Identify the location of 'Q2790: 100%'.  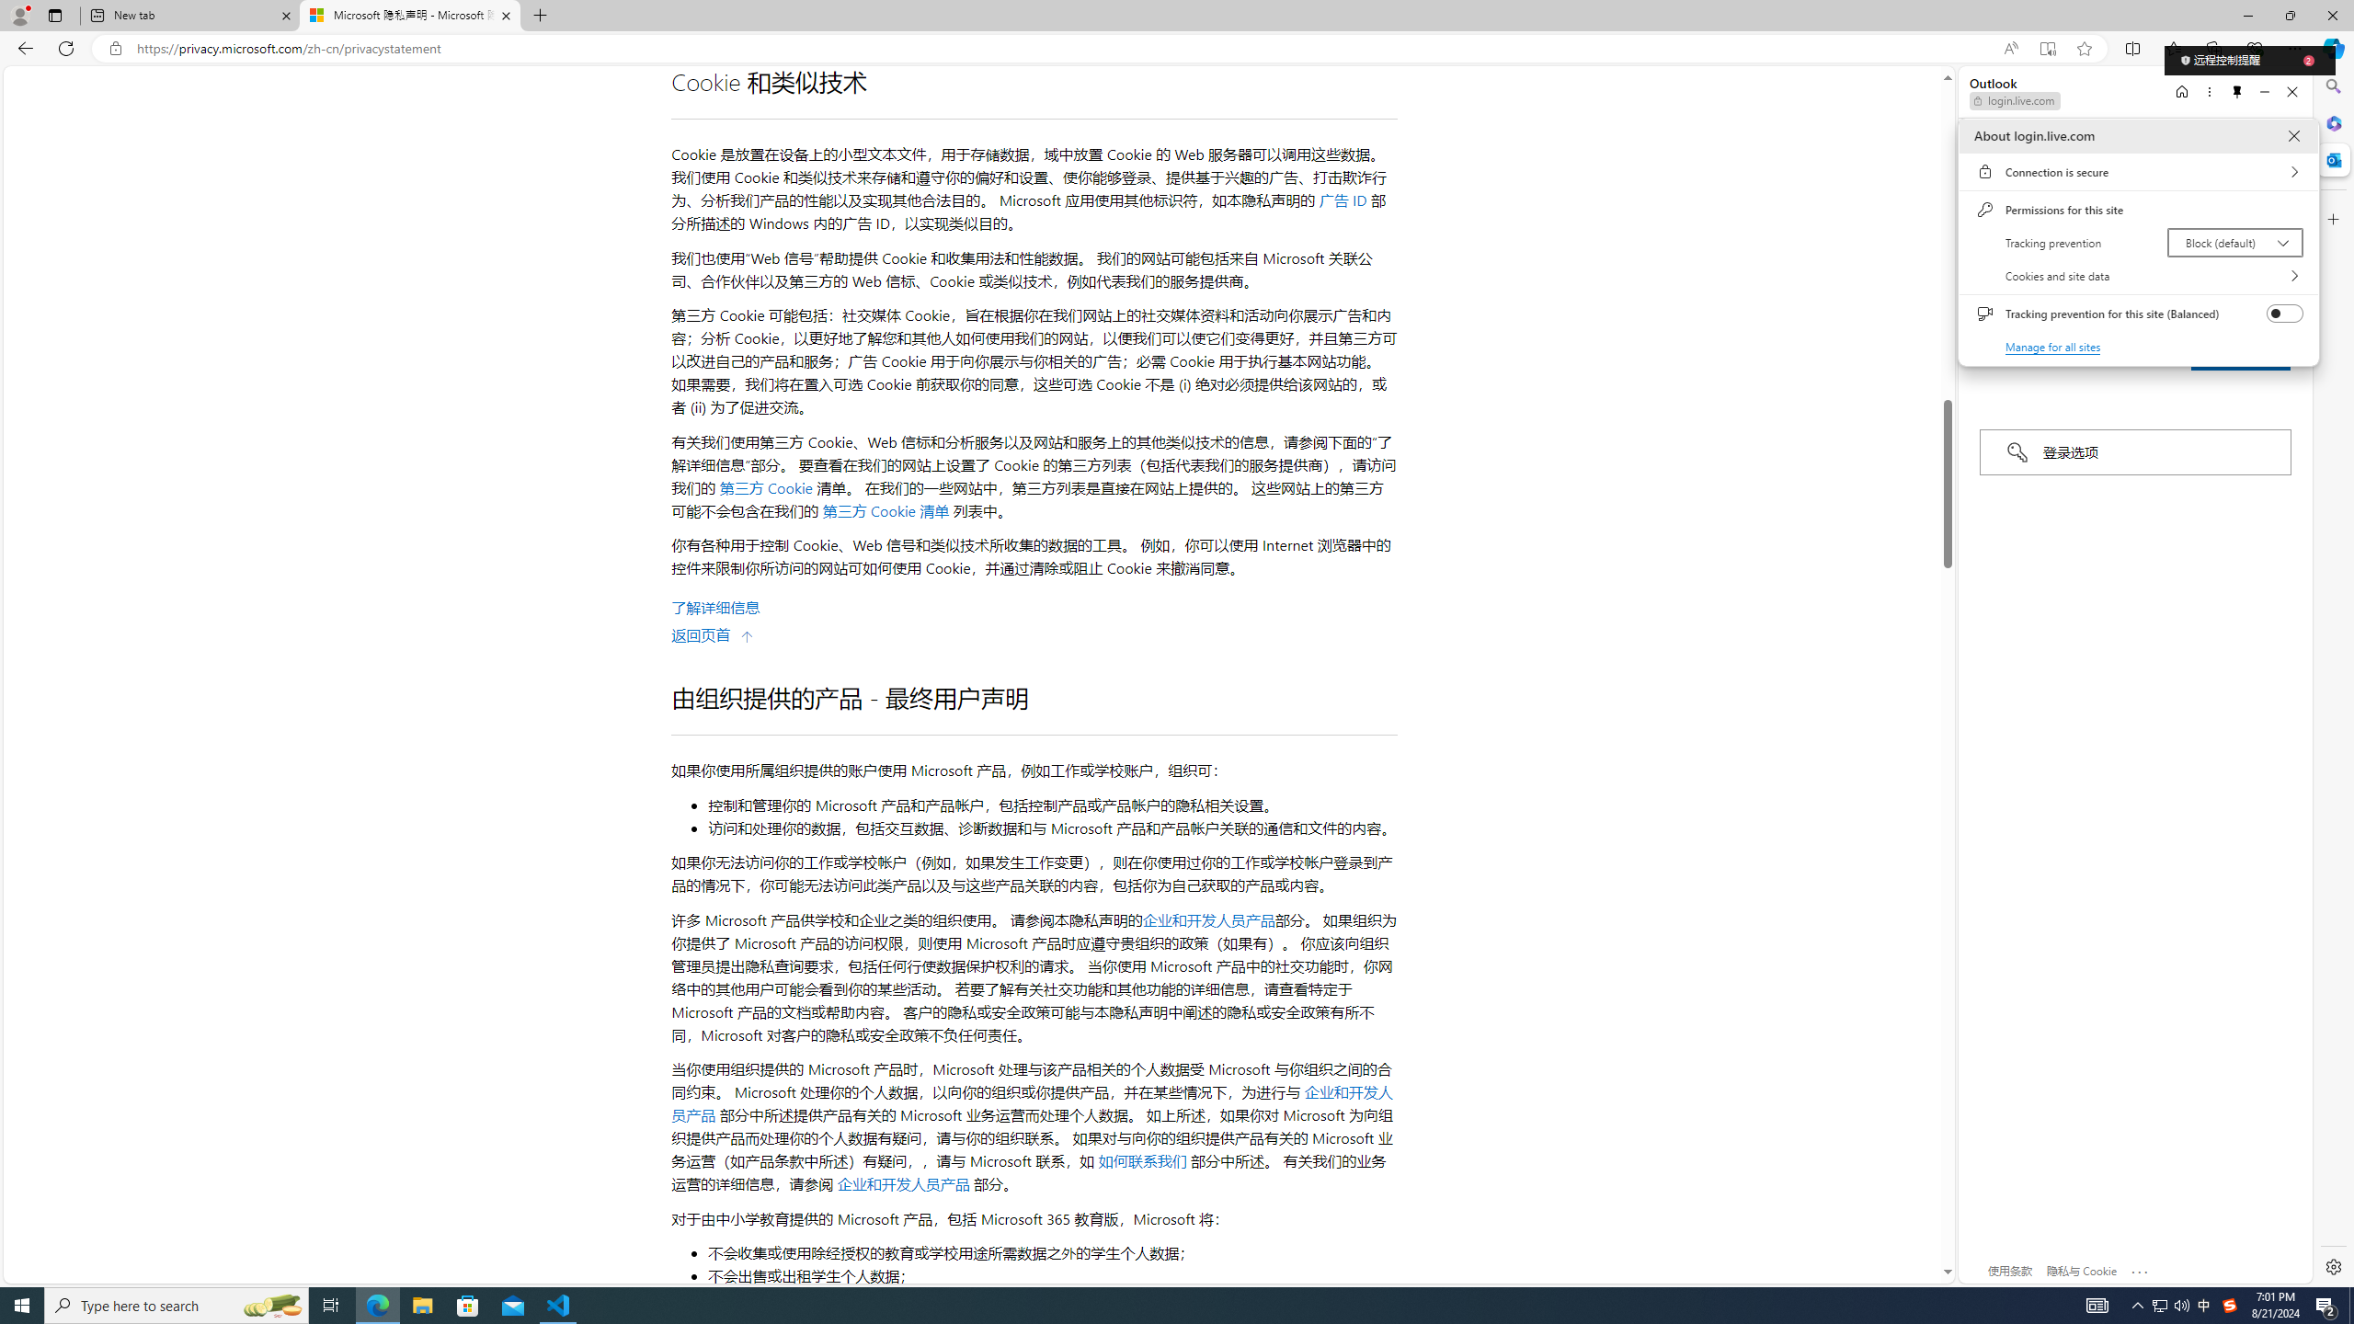
(2229, 1304).